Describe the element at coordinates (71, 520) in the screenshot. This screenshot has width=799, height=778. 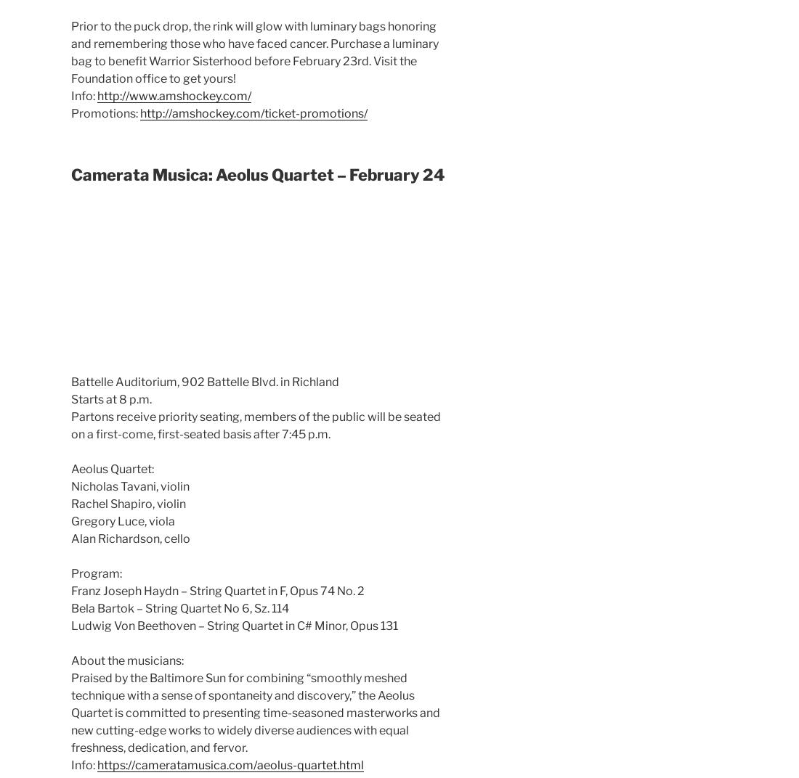
I see `'Gregory Luce, viola'` at that location.